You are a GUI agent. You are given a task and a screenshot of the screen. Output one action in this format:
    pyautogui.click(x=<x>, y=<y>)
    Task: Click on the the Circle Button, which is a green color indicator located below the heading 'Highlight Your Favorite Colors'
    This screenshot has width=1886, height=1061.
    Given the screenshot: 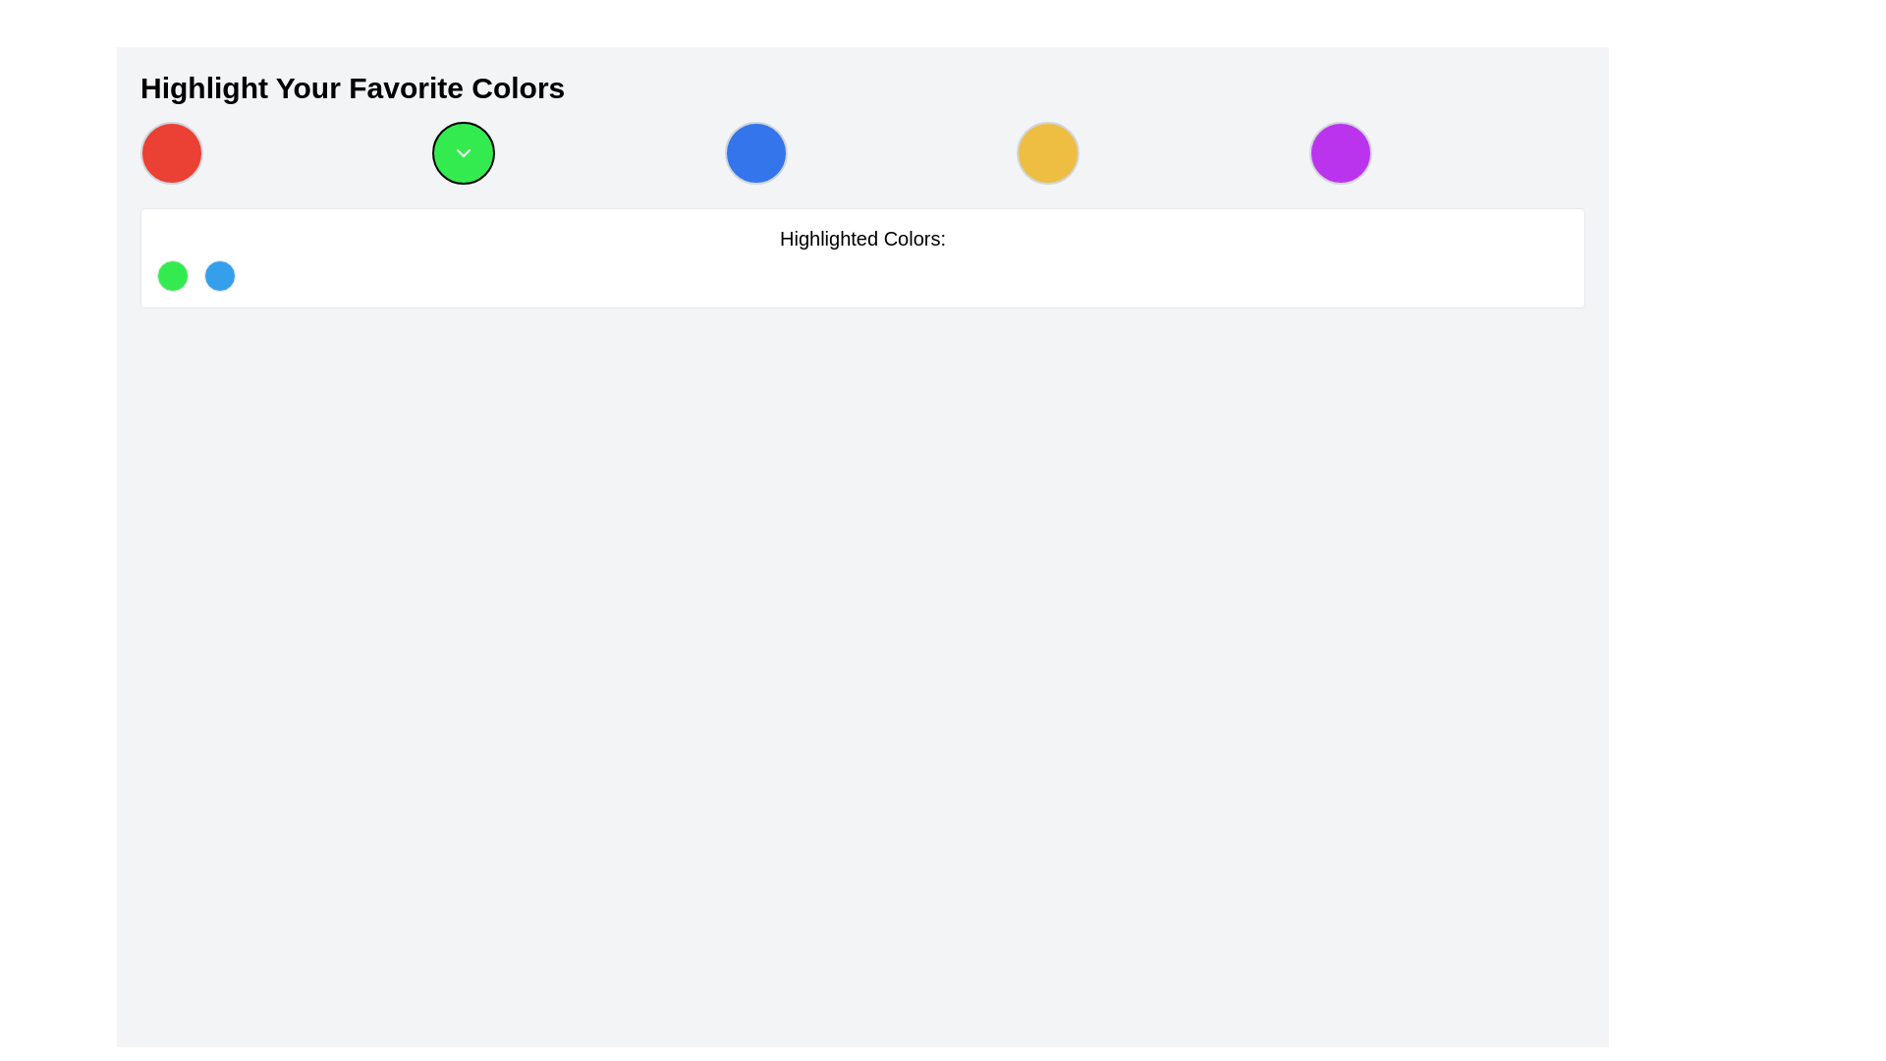 What is the action you would take?
    pyautogui.click(x=173, y=276)
    